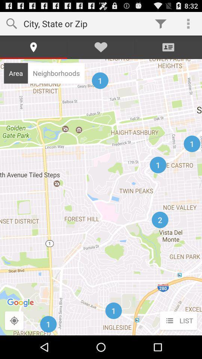  Describe the element at coordinates (14, 320) in the screenshot. I see `icon next to the list` at that location.